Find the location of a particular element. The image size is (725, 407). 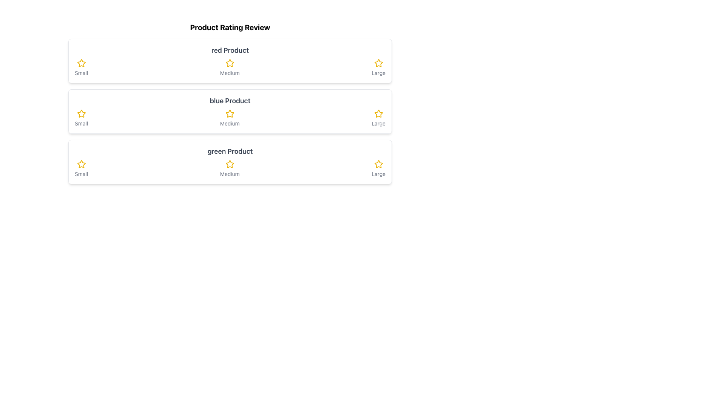

the 'Large' size text label that indicates the rating size option for the associated item, located under the yellow star icon in the product row is located at coordinates (378, 174).